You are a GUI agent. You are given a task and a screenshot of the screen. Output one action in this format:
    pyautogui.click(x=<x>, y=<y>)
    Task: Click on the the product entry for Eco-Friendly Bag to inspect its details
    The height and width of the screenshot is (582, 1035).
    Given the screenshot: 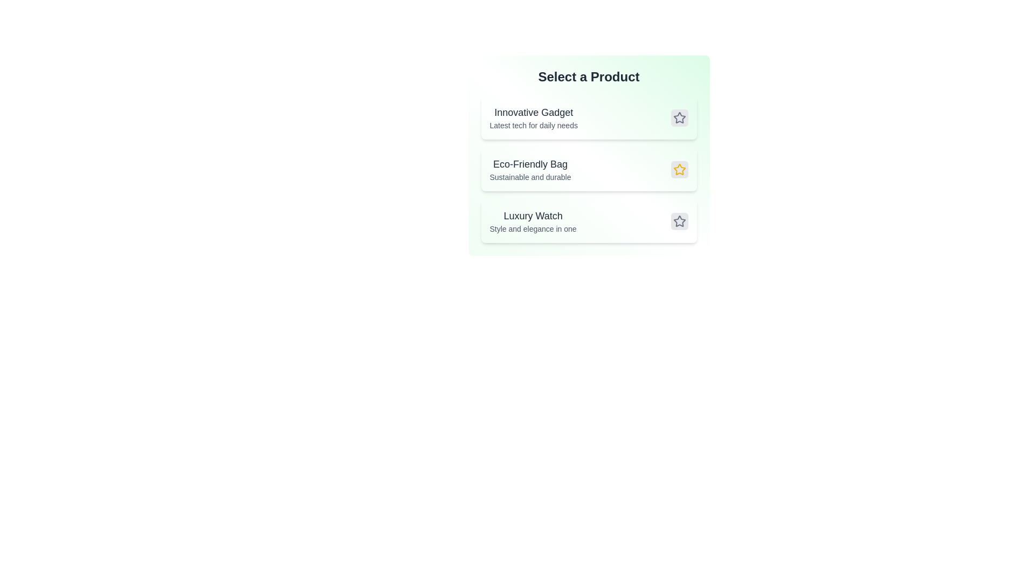 What is the action you would take?
    pyautogui.click(x=530, y=170)
    